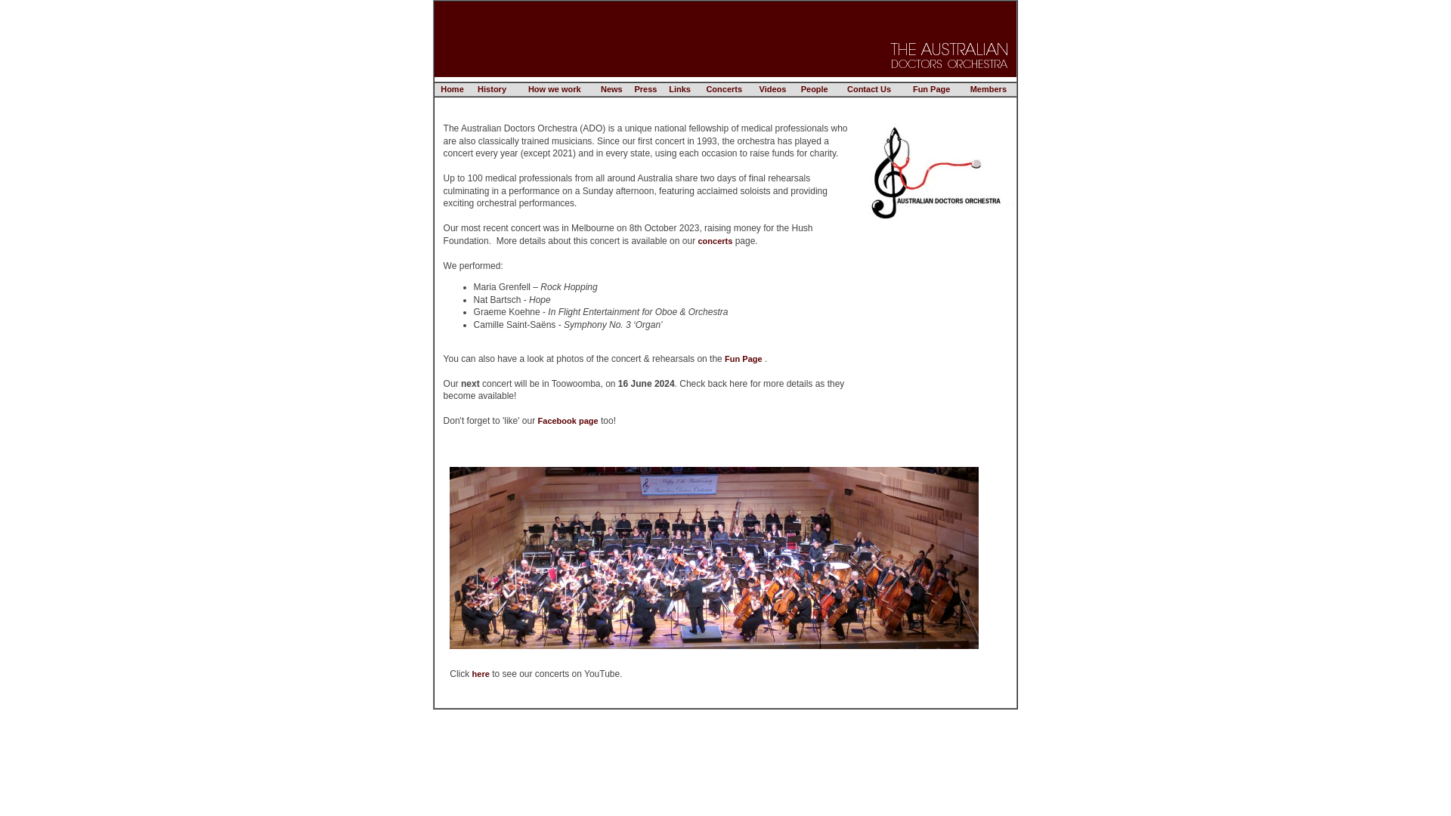 This screenshot has width=1451, height=816. I want to click on 'Press', so click(645, 89).